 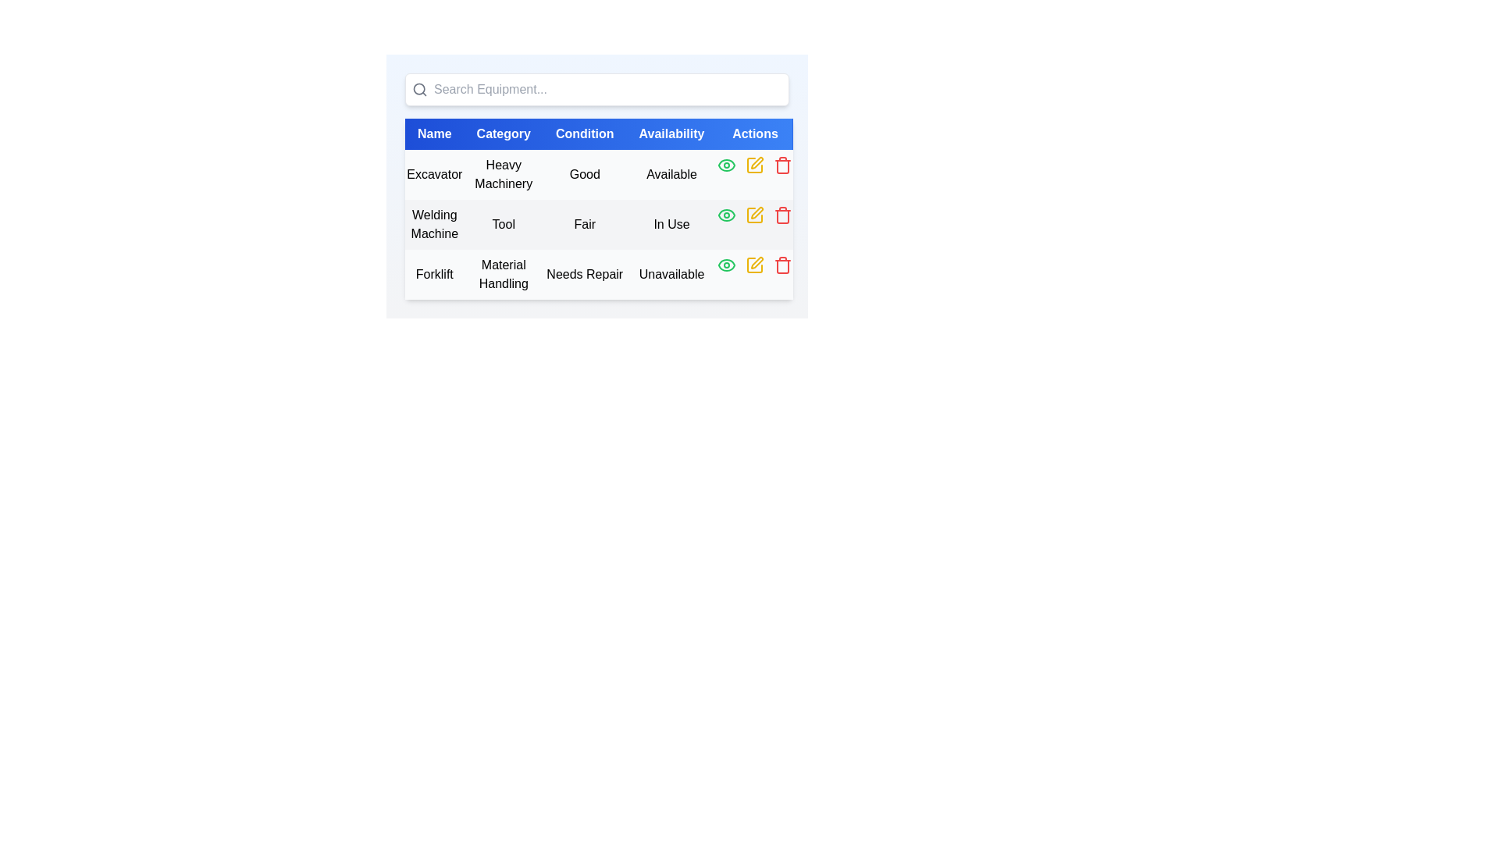 What do you see at coordinates (755, 215) in the screenshot?
I see `the yellow square-shaped edit icon with a pen symbol in the Actions column of the Welding Machine row to initiate editing for the Welding Machine entry` at bounding box center [755, 215].